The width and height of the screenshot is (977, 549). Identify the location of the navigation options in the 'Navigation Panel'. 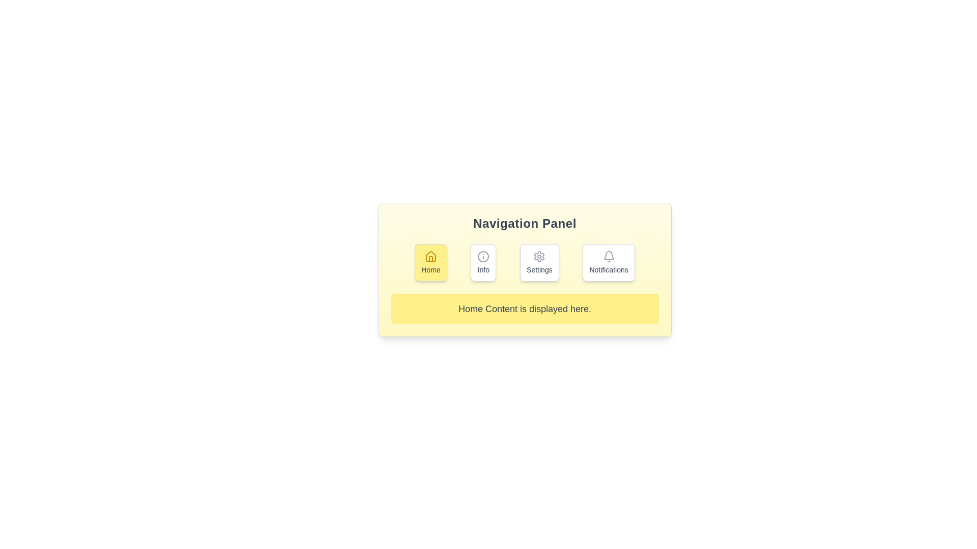
(525, 269).